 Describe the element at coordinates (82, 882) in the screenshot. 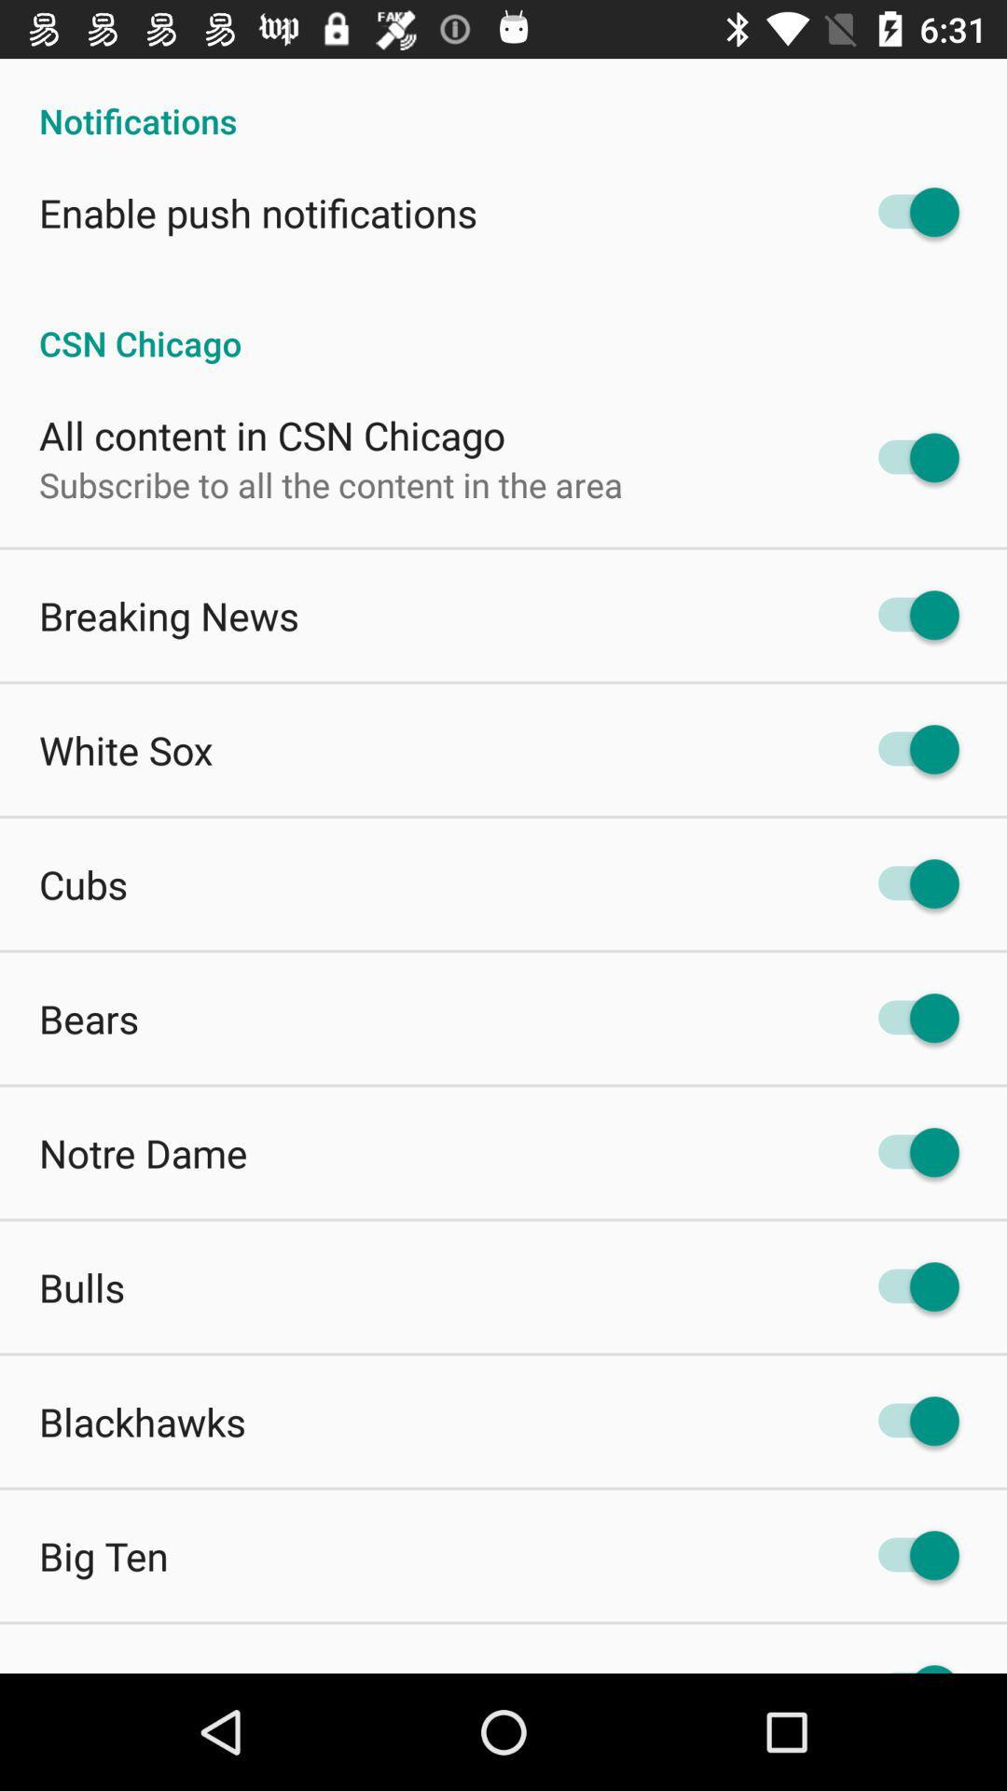

I see `cubs app` at that location.